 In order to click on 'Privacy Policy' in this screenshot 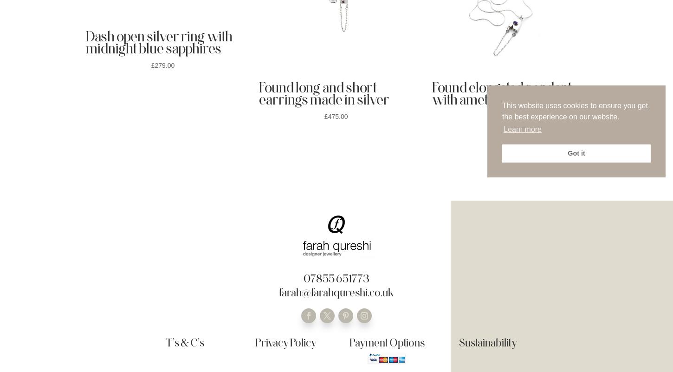, I will do `click(285, 342)`.